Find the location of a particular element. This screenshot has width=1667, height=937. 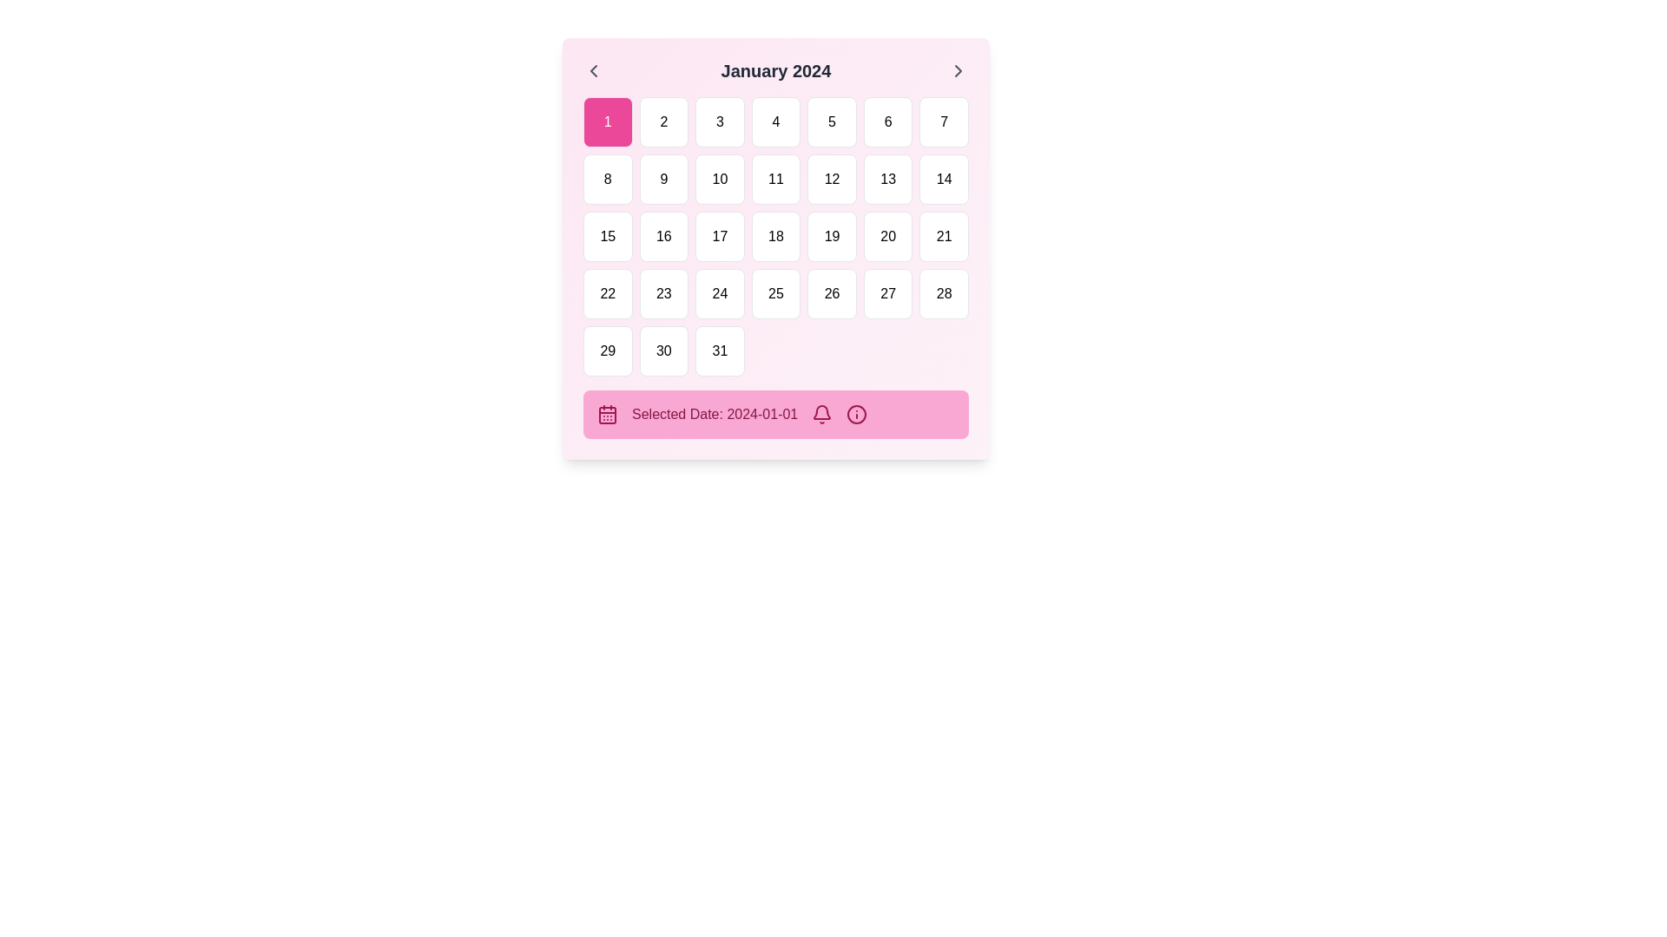

the information icon button located at the far right of the footer in the date picker interface is located at coordinates (857, 415).